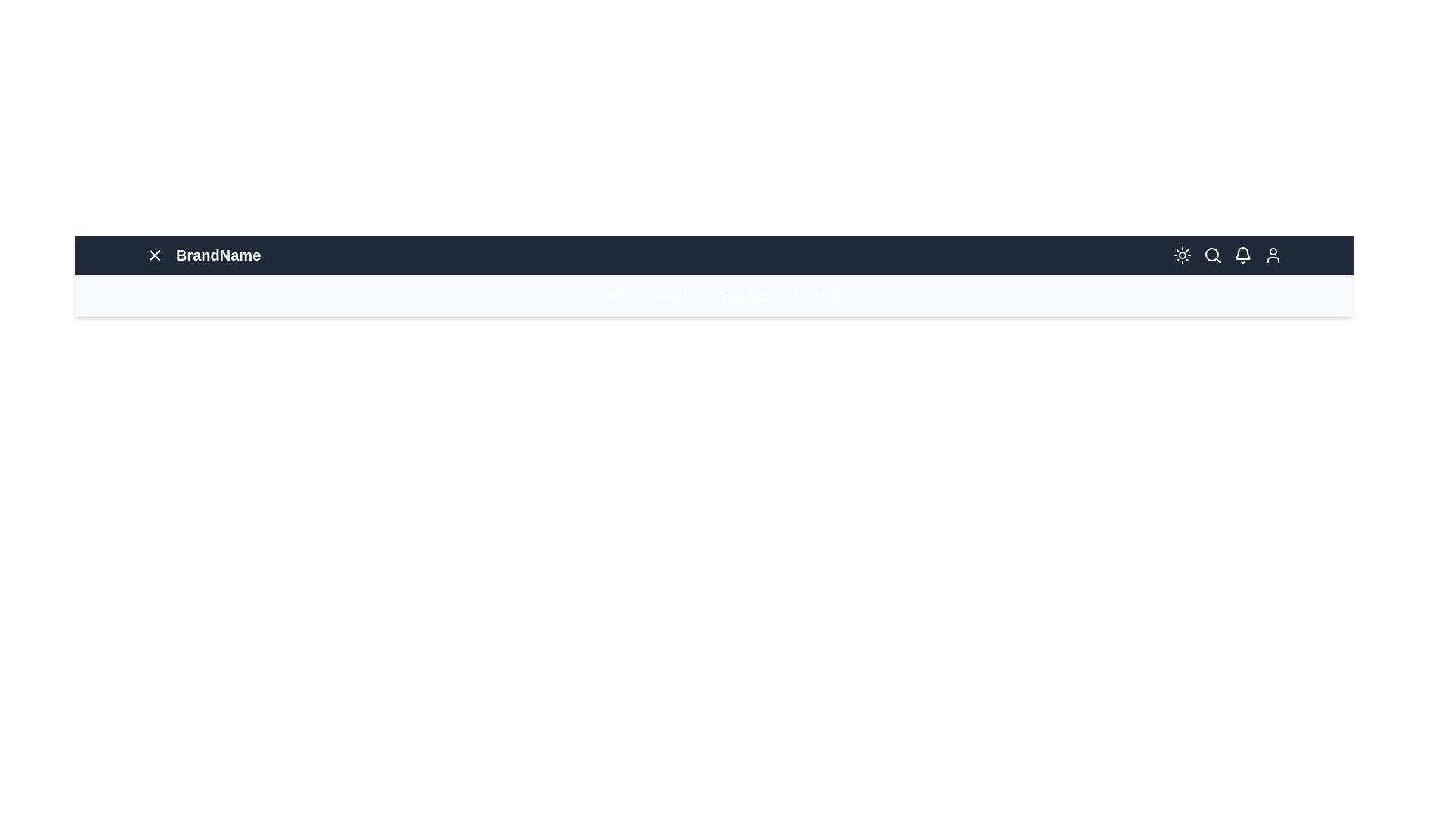 The height and width of the screenshot is (816, 1451). I want to click on the menu item labeled Contact to navigate to the corresponding section, so click(812, 296).